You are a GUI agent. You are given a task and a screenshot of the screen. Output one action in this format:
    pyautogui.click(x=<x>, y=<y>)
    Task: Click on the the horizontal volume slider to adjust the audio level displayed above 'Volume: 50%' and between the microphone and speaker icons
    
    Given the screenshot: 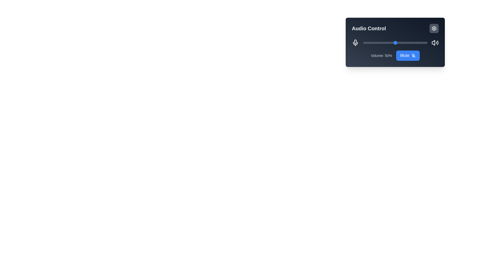 What is the action you would take?
    pyautogui.click(x=395, y=42)
    